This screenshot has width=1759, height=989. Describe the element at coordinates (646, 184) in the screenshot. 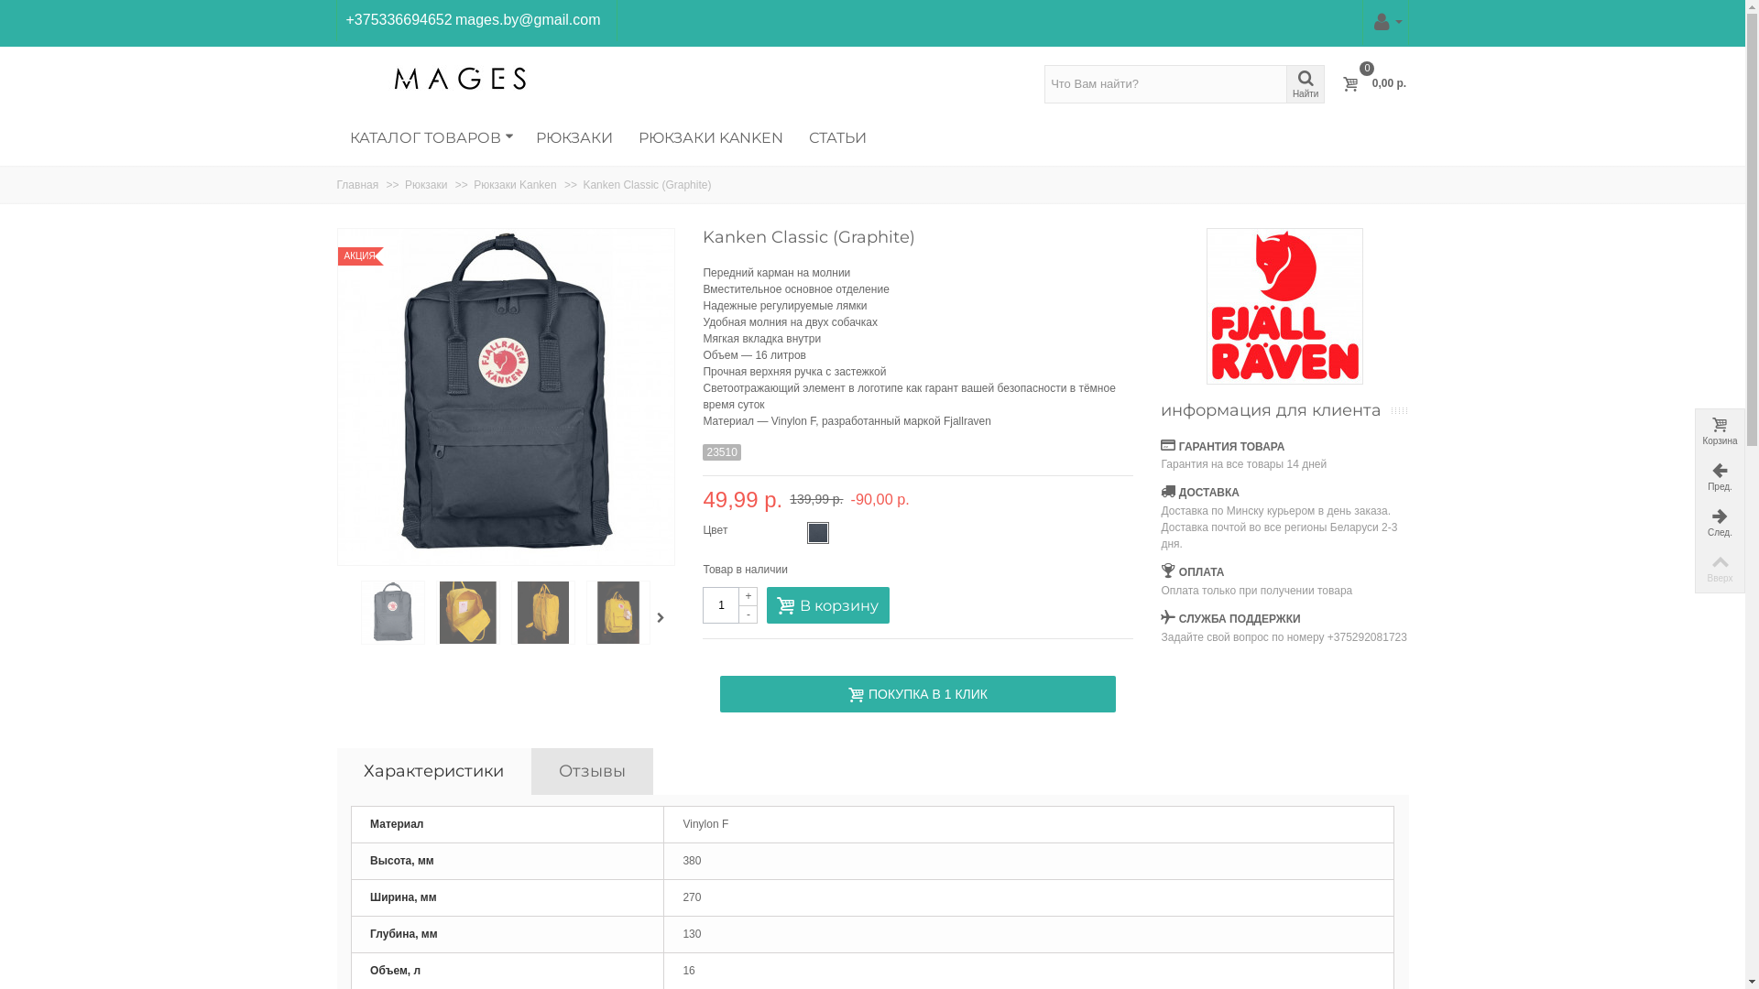

I see `'Kanken Classic (Graphite)'` at that location.